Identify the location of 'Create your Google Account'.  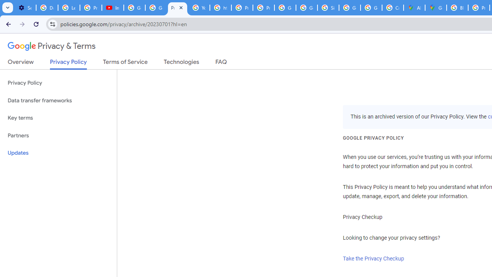
(393, 8).